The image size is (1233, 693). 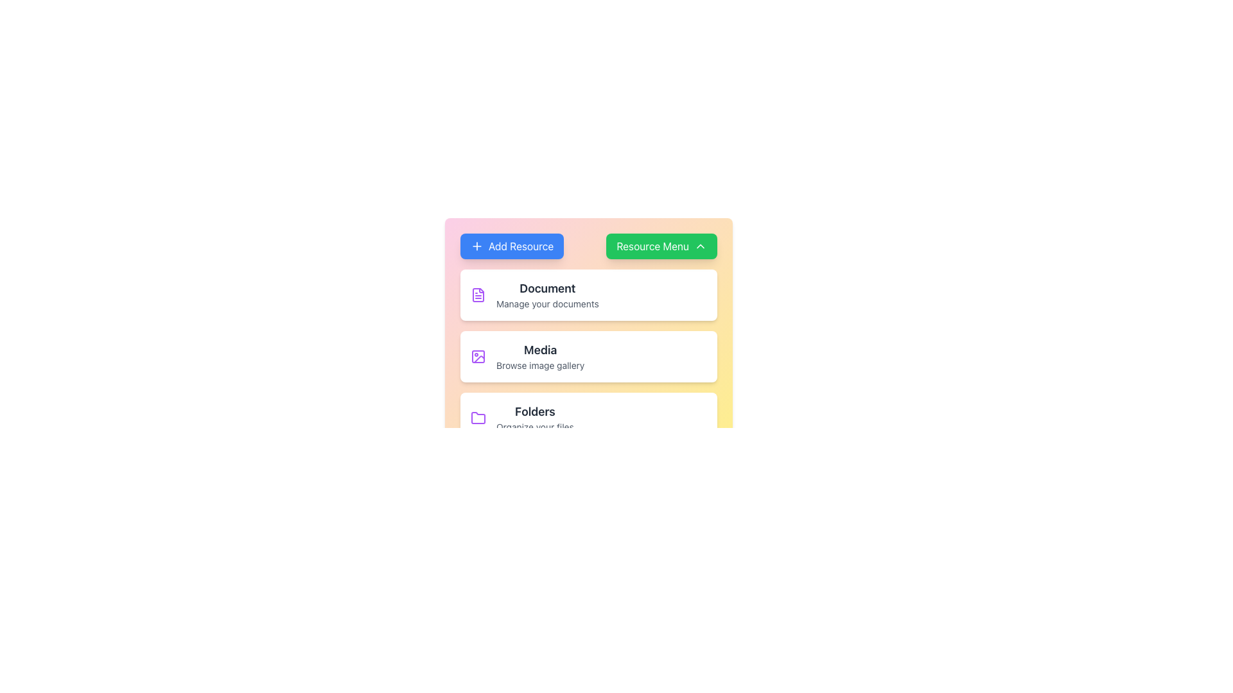 I want to click on the 'Media' text element, which consists of a large bold title and a smaller subtitle, so click(x=540, y=356).